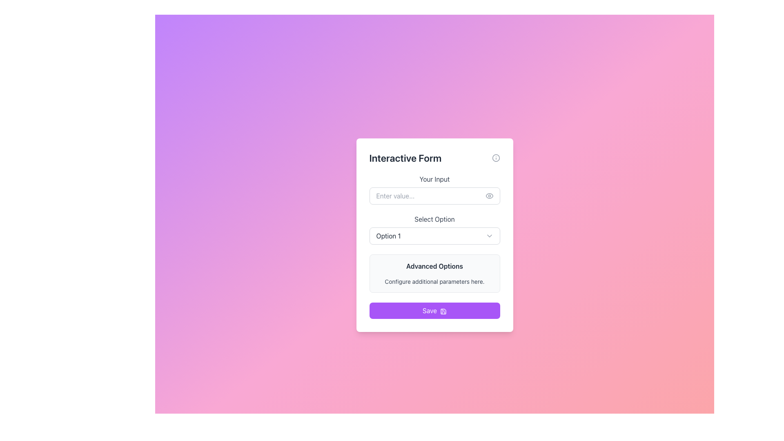 The height and width of the screenshot is (441, 784). What do you see at coordinates (434, 158) in the screenshot?
I see `the 'Interactive Form' header text, which is styled in bold and large font and positioned at the top of the form` at bounding box center [434, 158].